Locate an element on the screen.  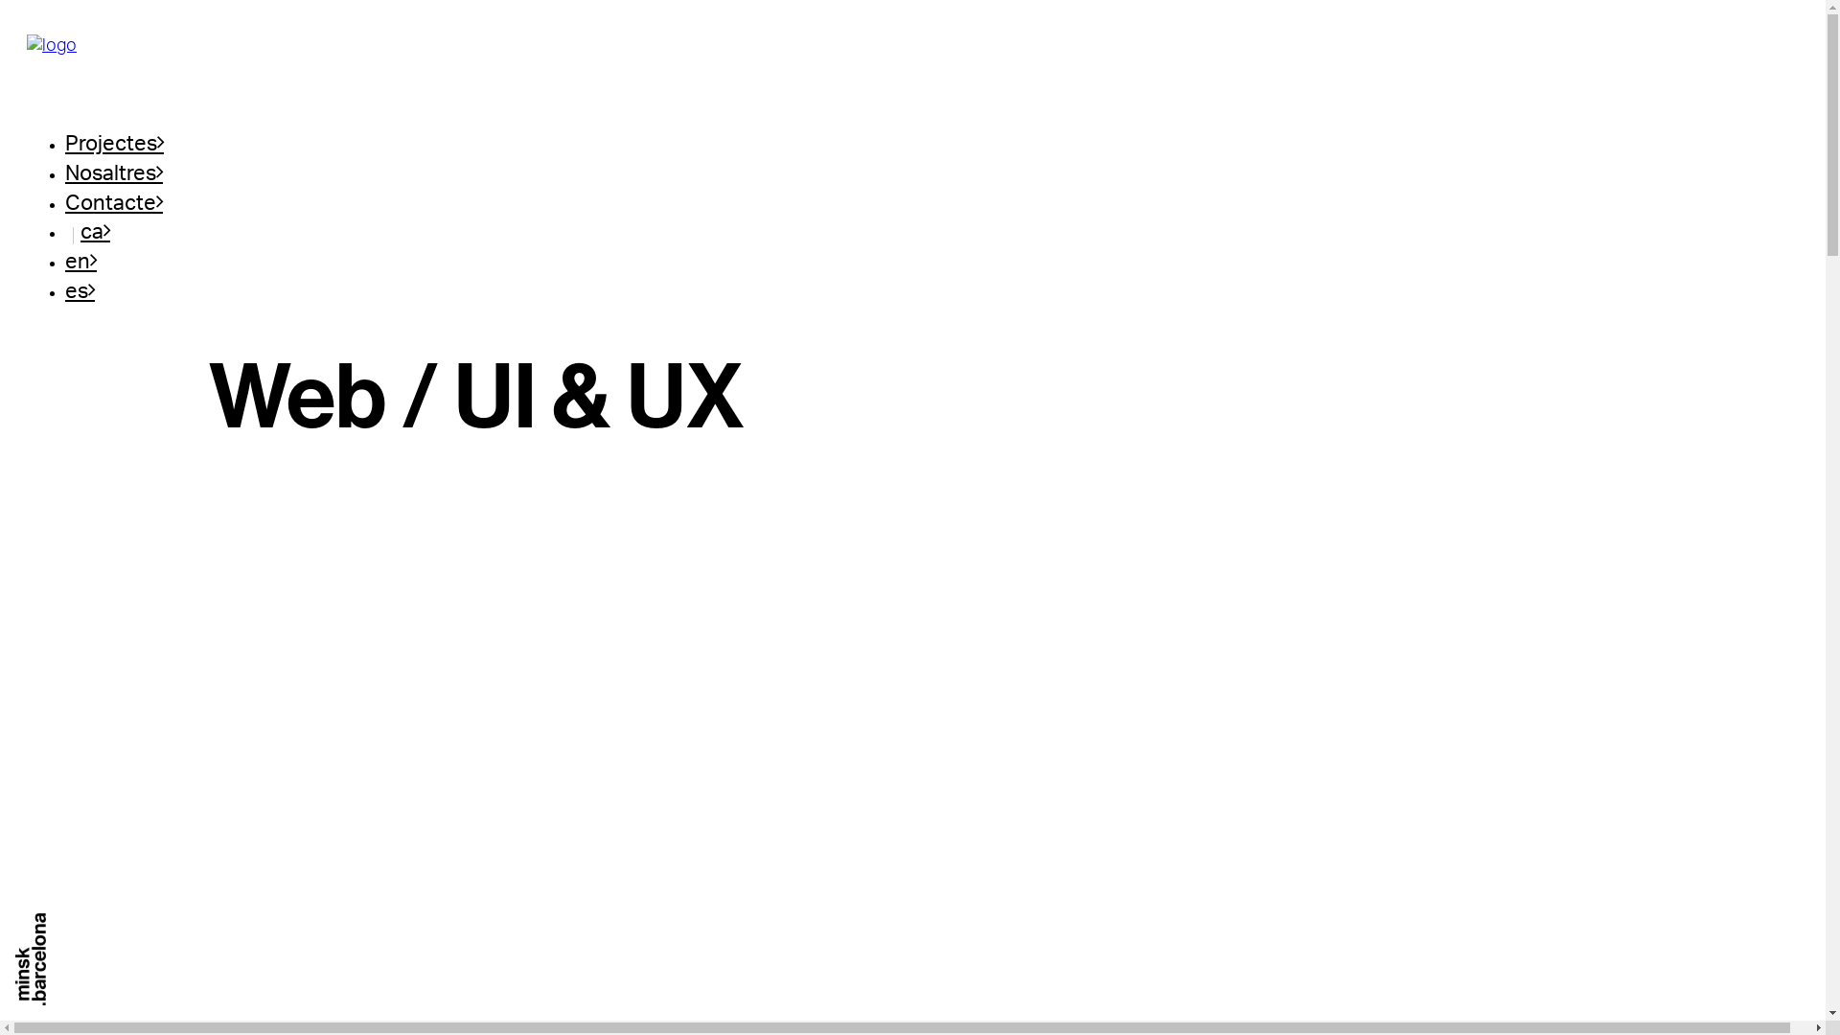
'Projectes' is located at coordinates (113, 143).